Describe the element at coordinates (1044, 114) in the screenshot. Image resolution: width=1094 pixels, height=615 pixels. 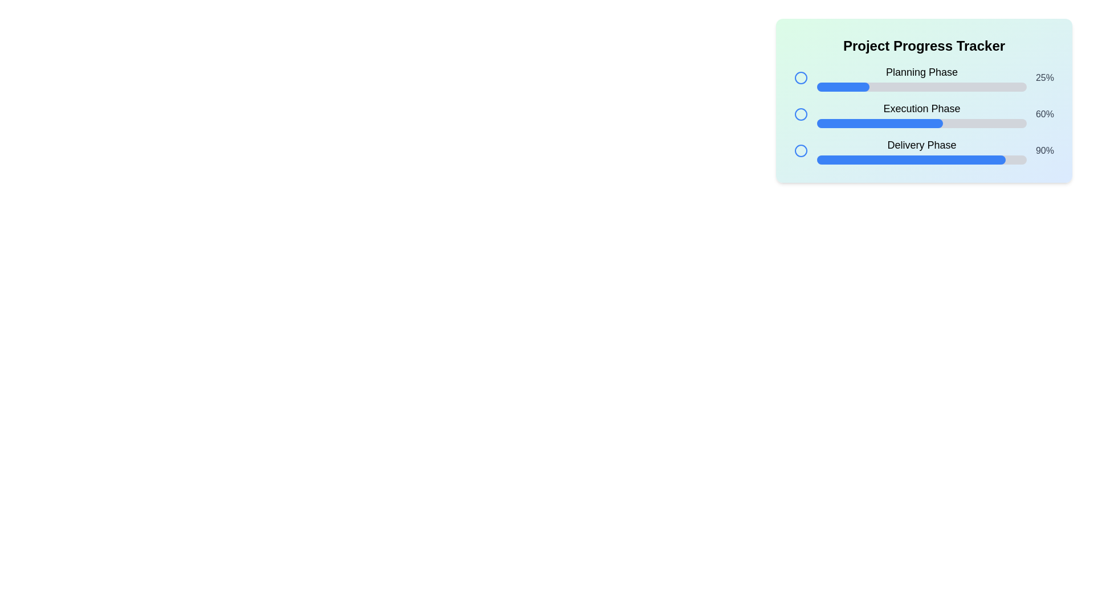
I see `completion percentage value displayed in the text label for the 'Execution Phase' in the project progress tracker` at that location.